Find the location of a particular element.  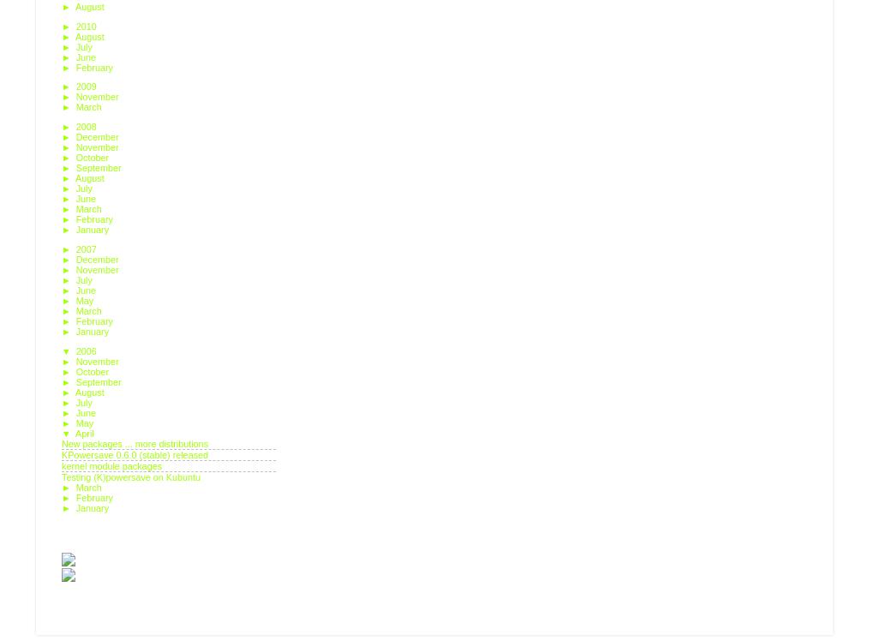

'Posts' is located at coordinates (90, 561).